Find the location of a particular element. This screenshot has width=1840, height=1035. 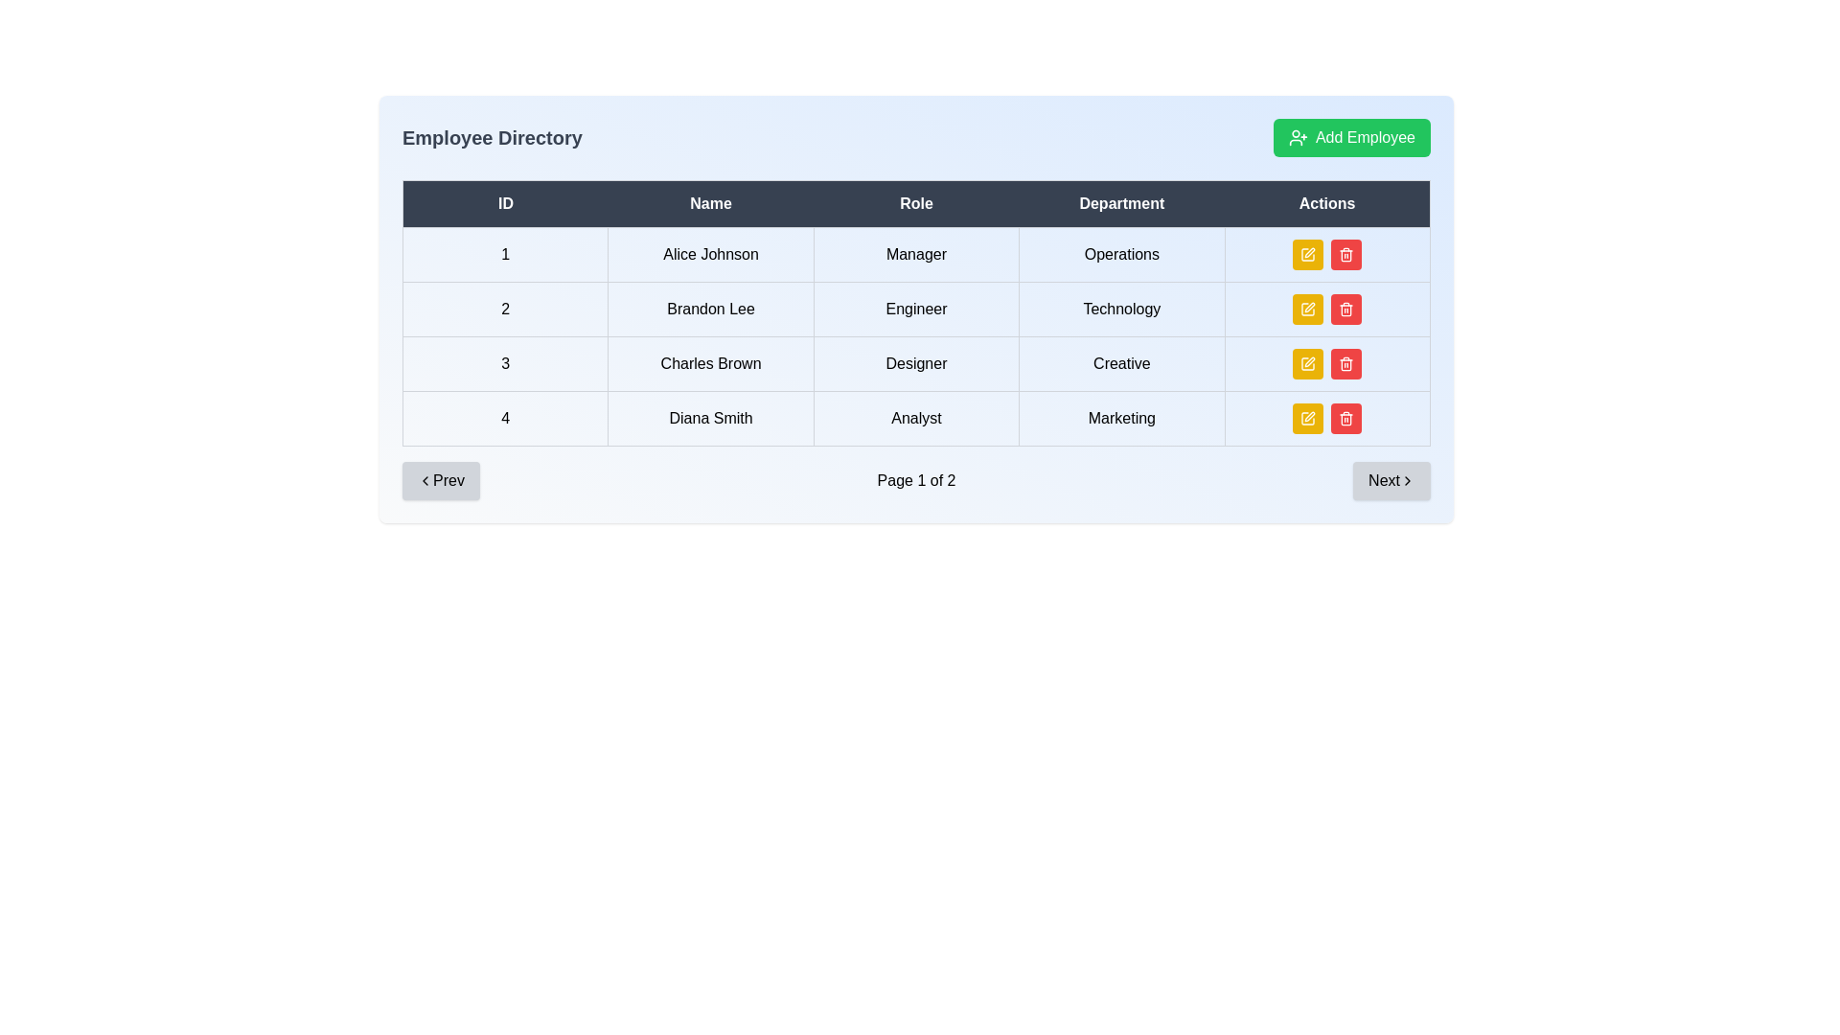

the button in the 'Actions' column of the fourth row is located at coordinates (1307, 417).